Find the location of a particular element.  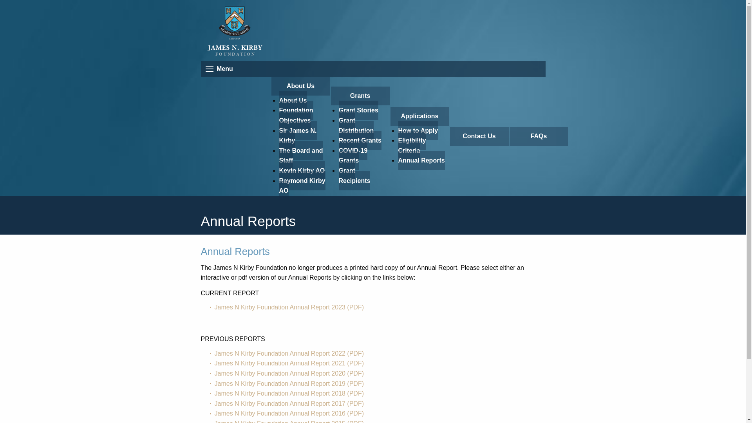

'Foundation Objectives' is located at coordinates (295, 115).